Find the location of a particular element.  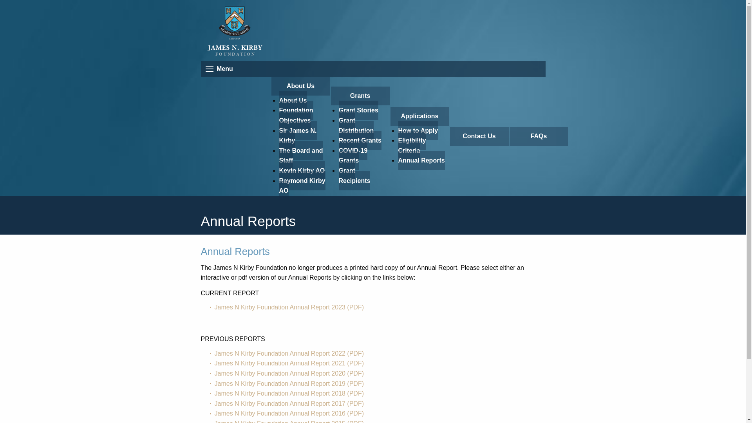

'Foundation Objectives' is located at coordinates (295, 115).